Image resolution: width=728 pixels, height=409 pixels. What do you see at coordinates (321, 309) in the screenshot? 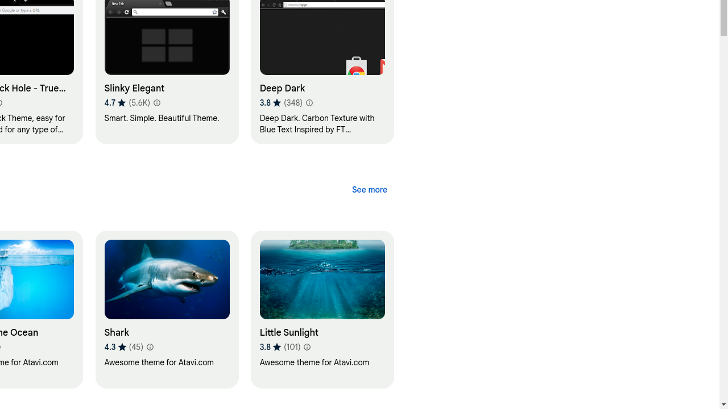
I see `'Little Sunlight'` at bounding box center [321, 309].